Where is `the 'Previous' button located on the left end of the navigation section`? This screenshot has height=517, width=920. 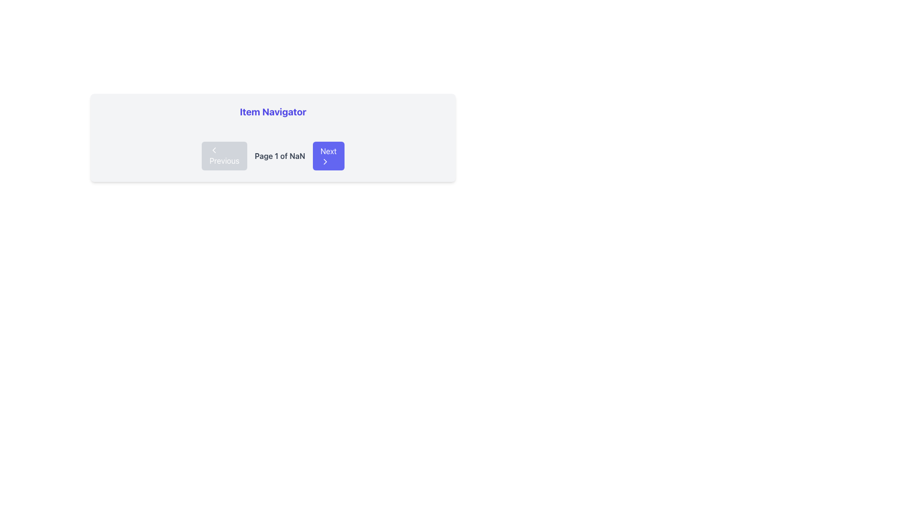 the 'Previous' button located on the left end of the navigation section is located at coordinates (214, 150).